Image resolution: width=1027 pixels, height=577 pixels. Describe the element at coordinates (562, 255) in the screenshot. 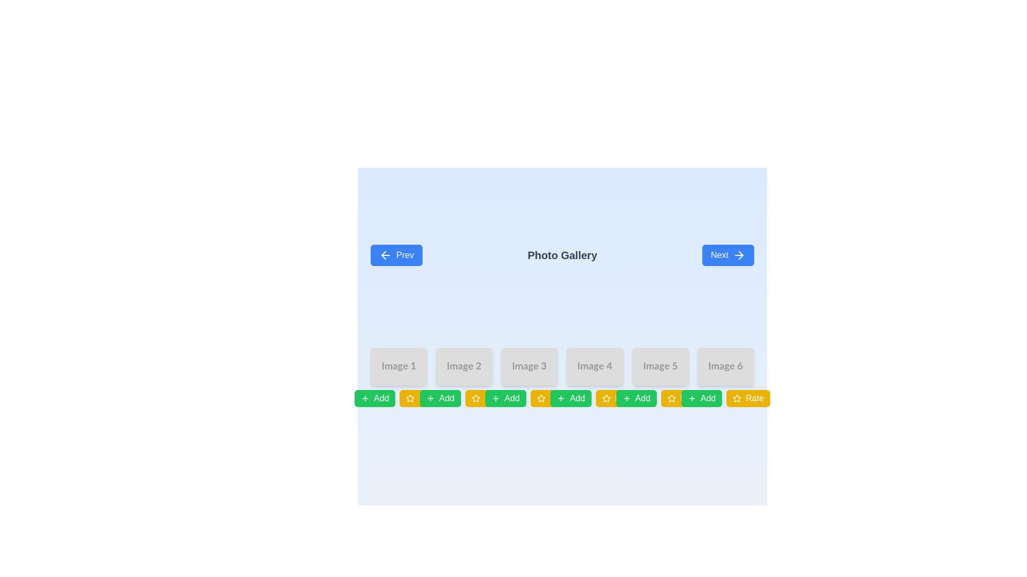

I see `the 'Photo Gallery' text label, which is styled with a large bold font and centrally aligned in the menu bar` at that location.